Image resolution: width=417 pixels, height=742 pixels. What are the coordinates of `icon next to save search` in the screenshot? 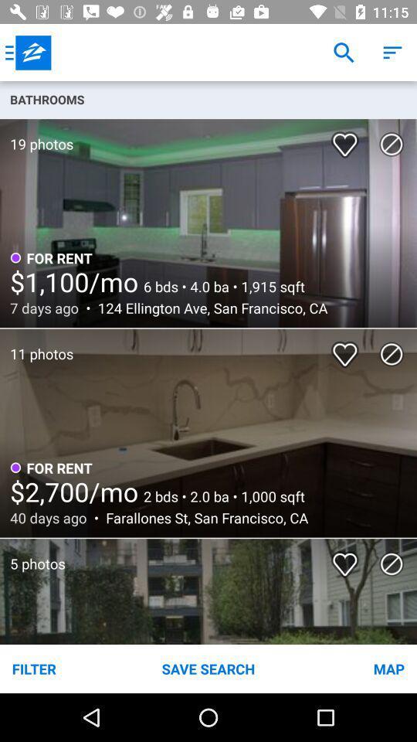 It's located at (347, 668).